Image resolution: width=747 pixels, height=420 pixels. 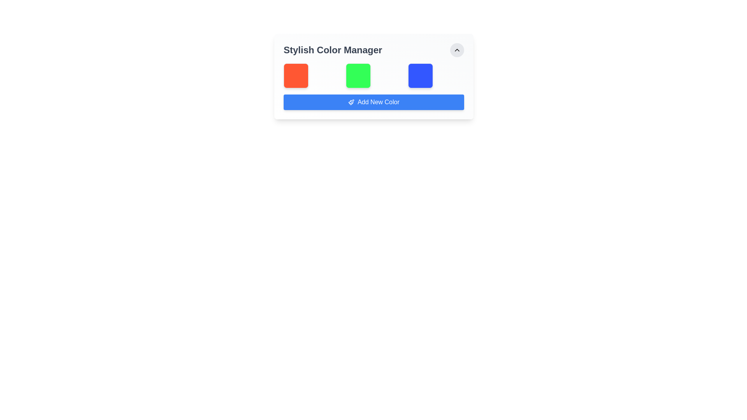 I want to click on the paintbrush icon located to the left of the 'Add New Color' text within the blue button, so click(x=351, y=101).